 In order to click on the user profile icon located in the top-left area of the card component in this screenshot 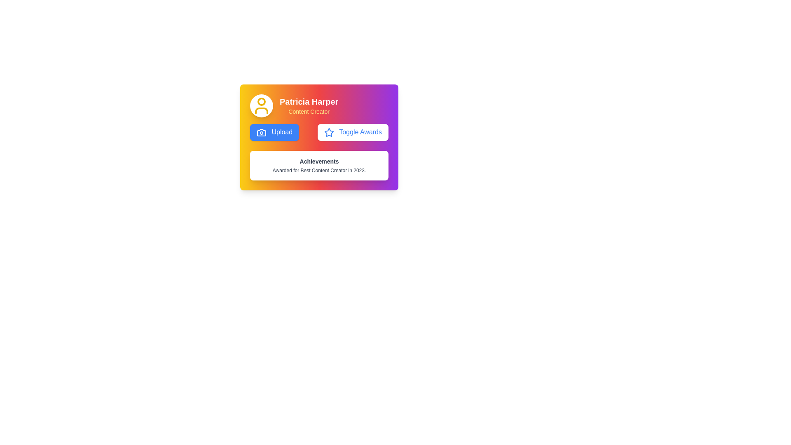, I will do `click(261, 105)`.